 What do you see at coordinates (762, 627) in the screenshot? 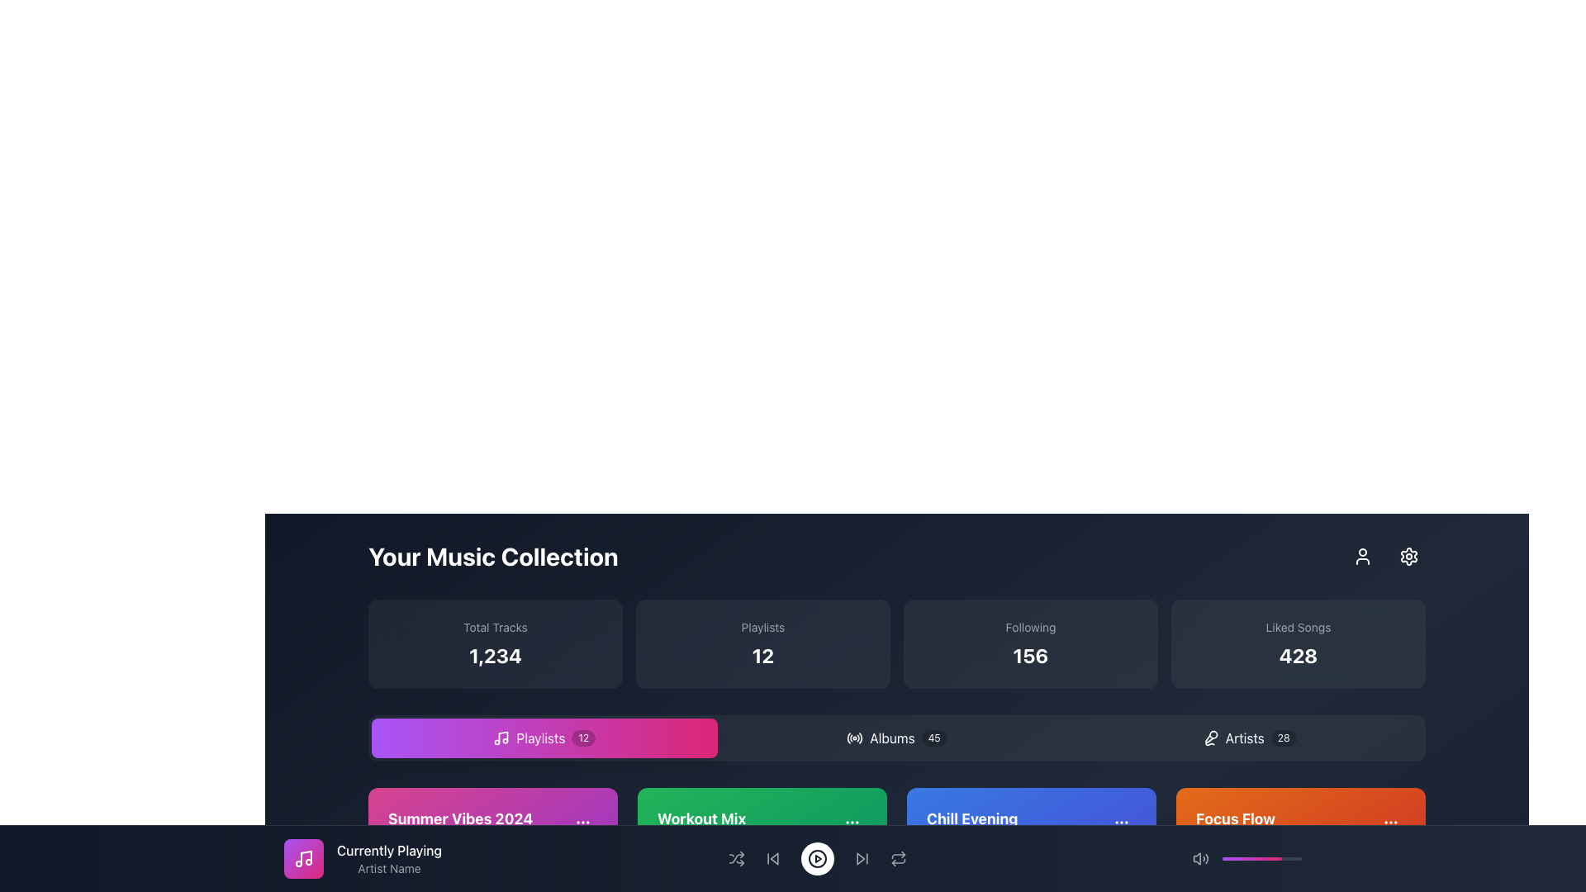
I see `the 'Playlists' text label located in the second card of the statistics layout, which describes the number of playlists in the user's music collection` at bounding box center [762, 627].